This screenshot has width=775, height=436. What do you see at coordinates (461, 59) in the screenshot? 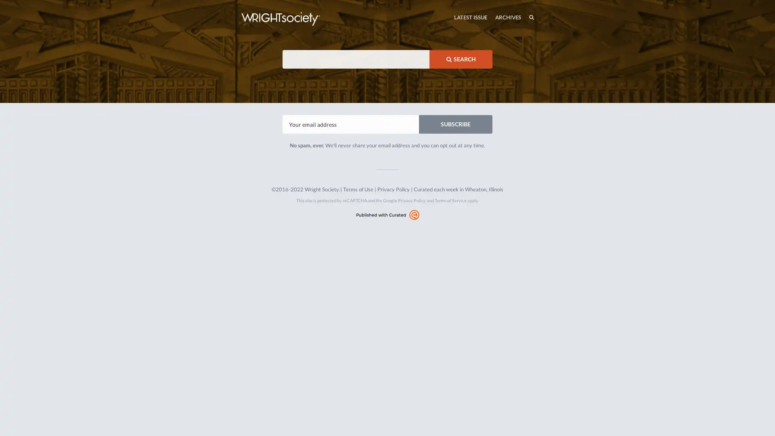
I see `SEARCH` at bounding box center [461, 59].